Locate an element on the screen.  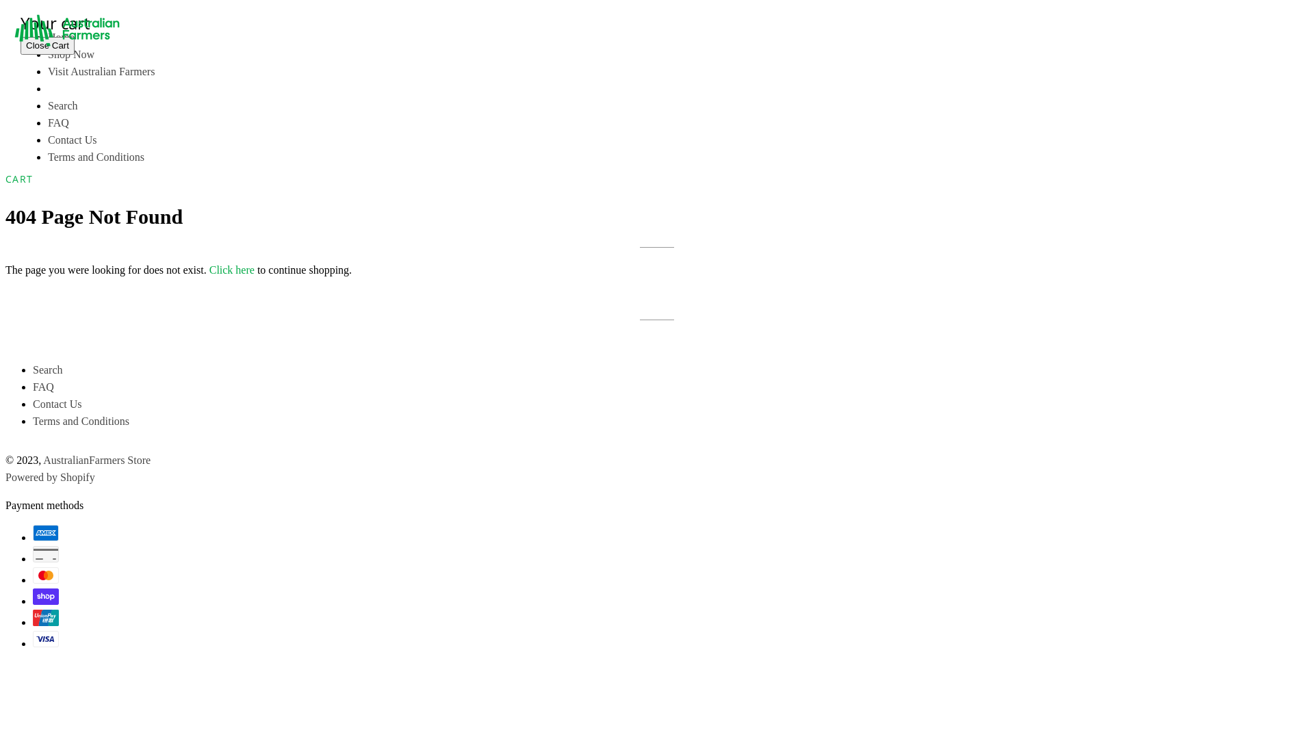
'Visit Australian Farmers' is located at coordinates (101, 71).